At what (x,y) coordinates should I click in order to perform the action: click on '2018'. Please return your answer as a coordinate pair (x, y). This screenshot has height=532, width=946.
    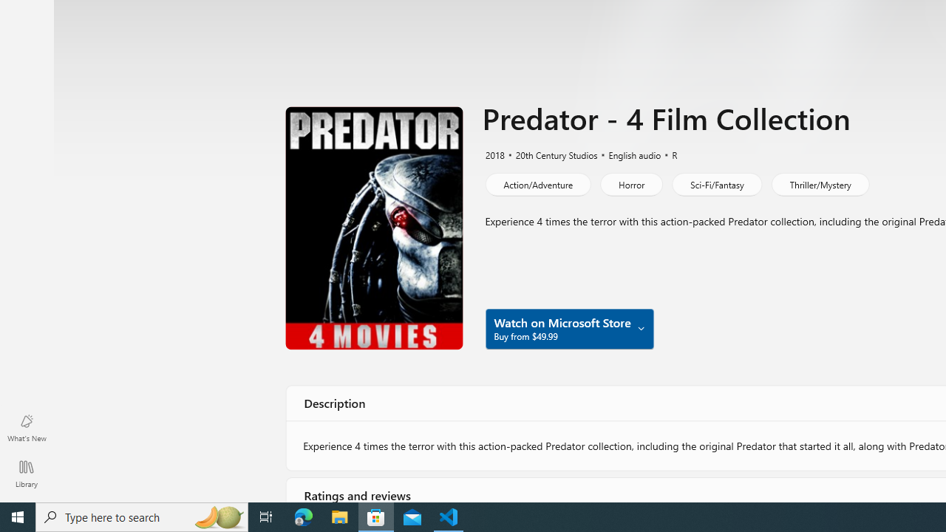
    Looking at the image, I should click on (494, 154).